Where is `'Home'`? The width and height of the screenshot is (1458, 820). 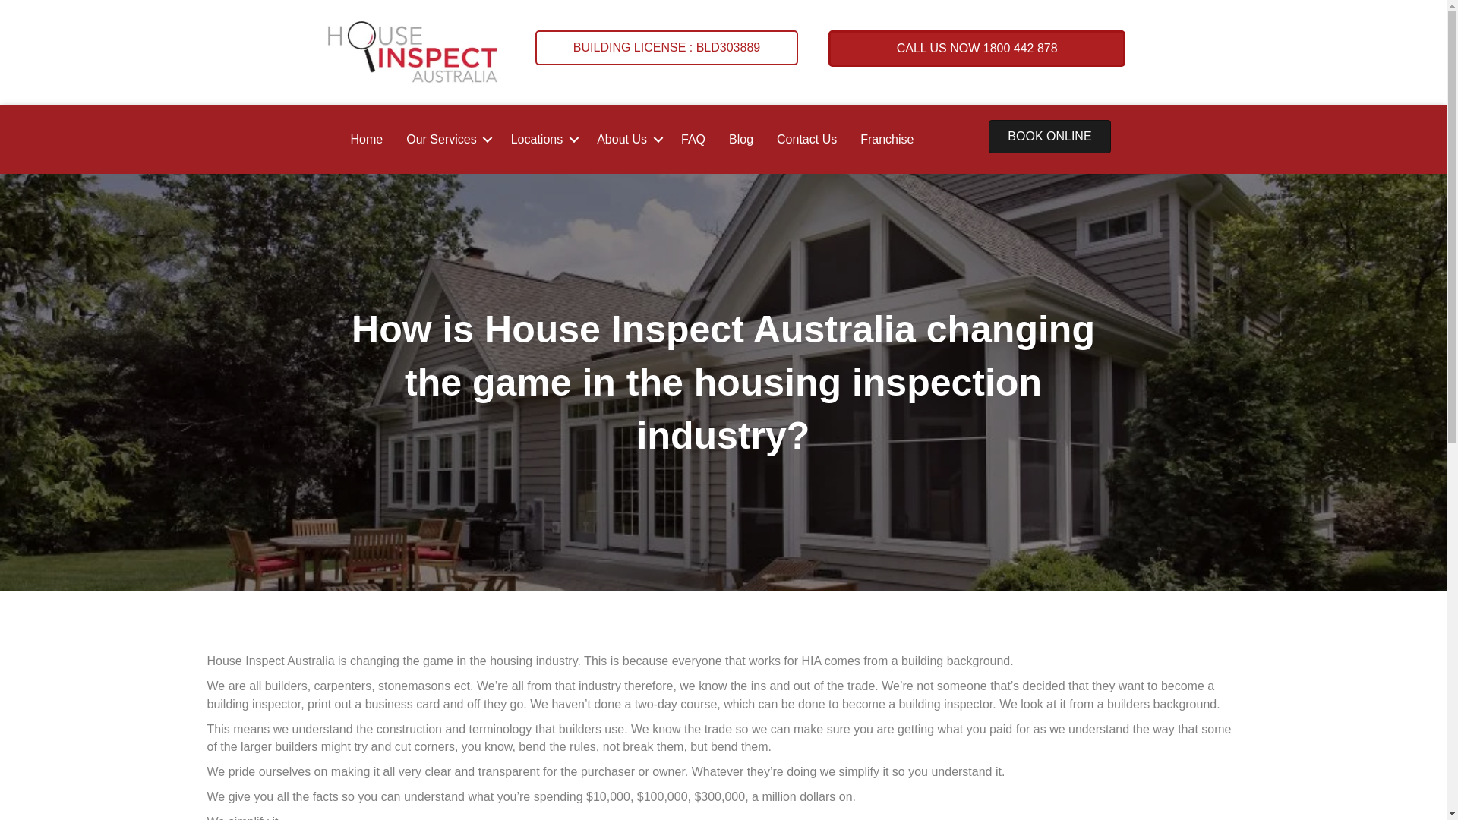
'Home' is located at coordinates (367, 139).